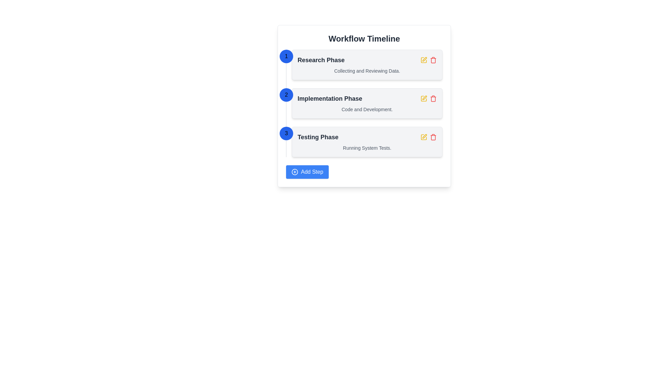 The image size is (650, 365). What do you see at coordinates (367, 148) in the screenshot?
I see `text content of the text block displaying 'Running System Tests.' which is styled in a small-sized gray font and positioned below the 'Testing Phase' title` at bounding box center [367, 148].